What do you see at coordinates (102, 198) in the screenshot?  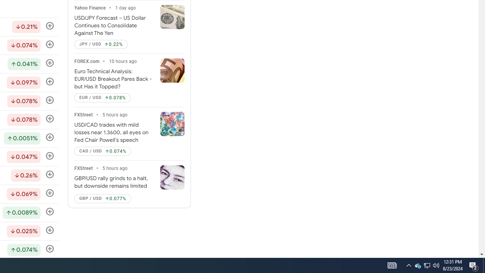 I see `'GBP / USD Up by 0.077%'` at bounding box center [102, 198].